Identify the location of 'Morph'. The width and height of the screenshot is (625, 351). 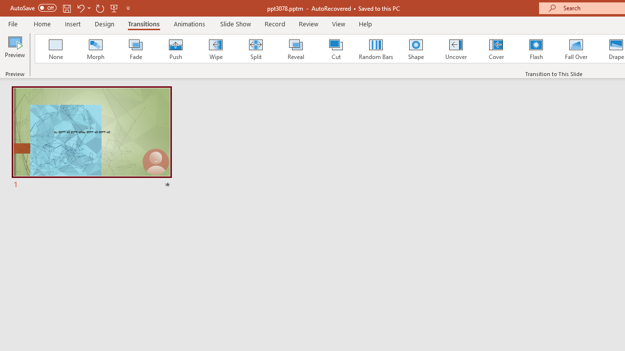
(95, 49).